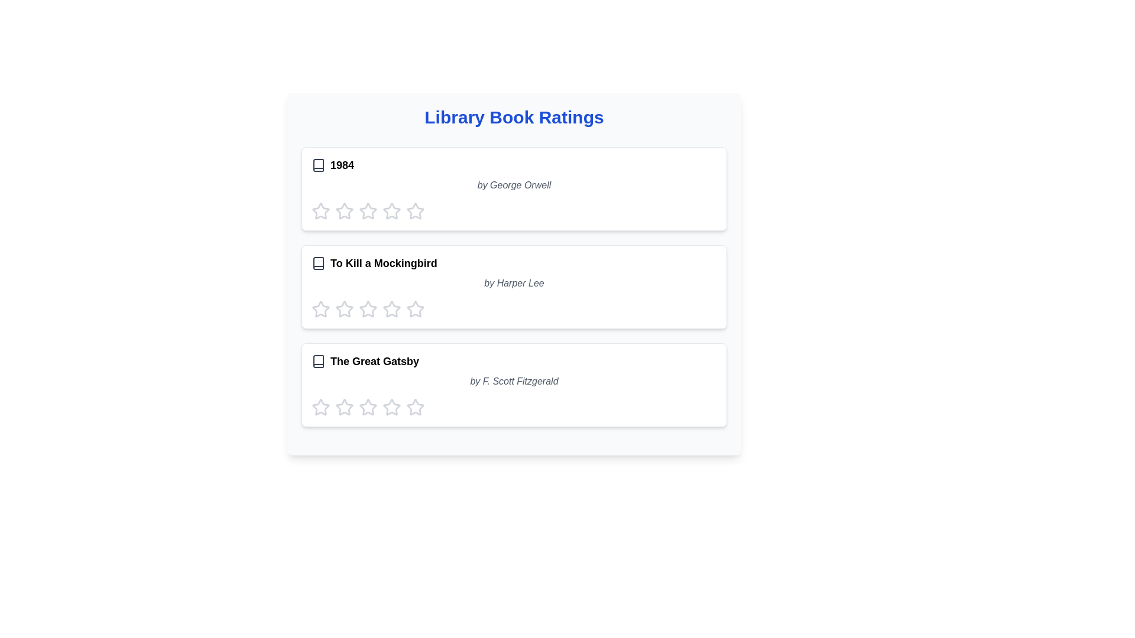  I want to click on the first star icon in the rating bar for 'To Kill a Mockingbird', so click(343, 308).